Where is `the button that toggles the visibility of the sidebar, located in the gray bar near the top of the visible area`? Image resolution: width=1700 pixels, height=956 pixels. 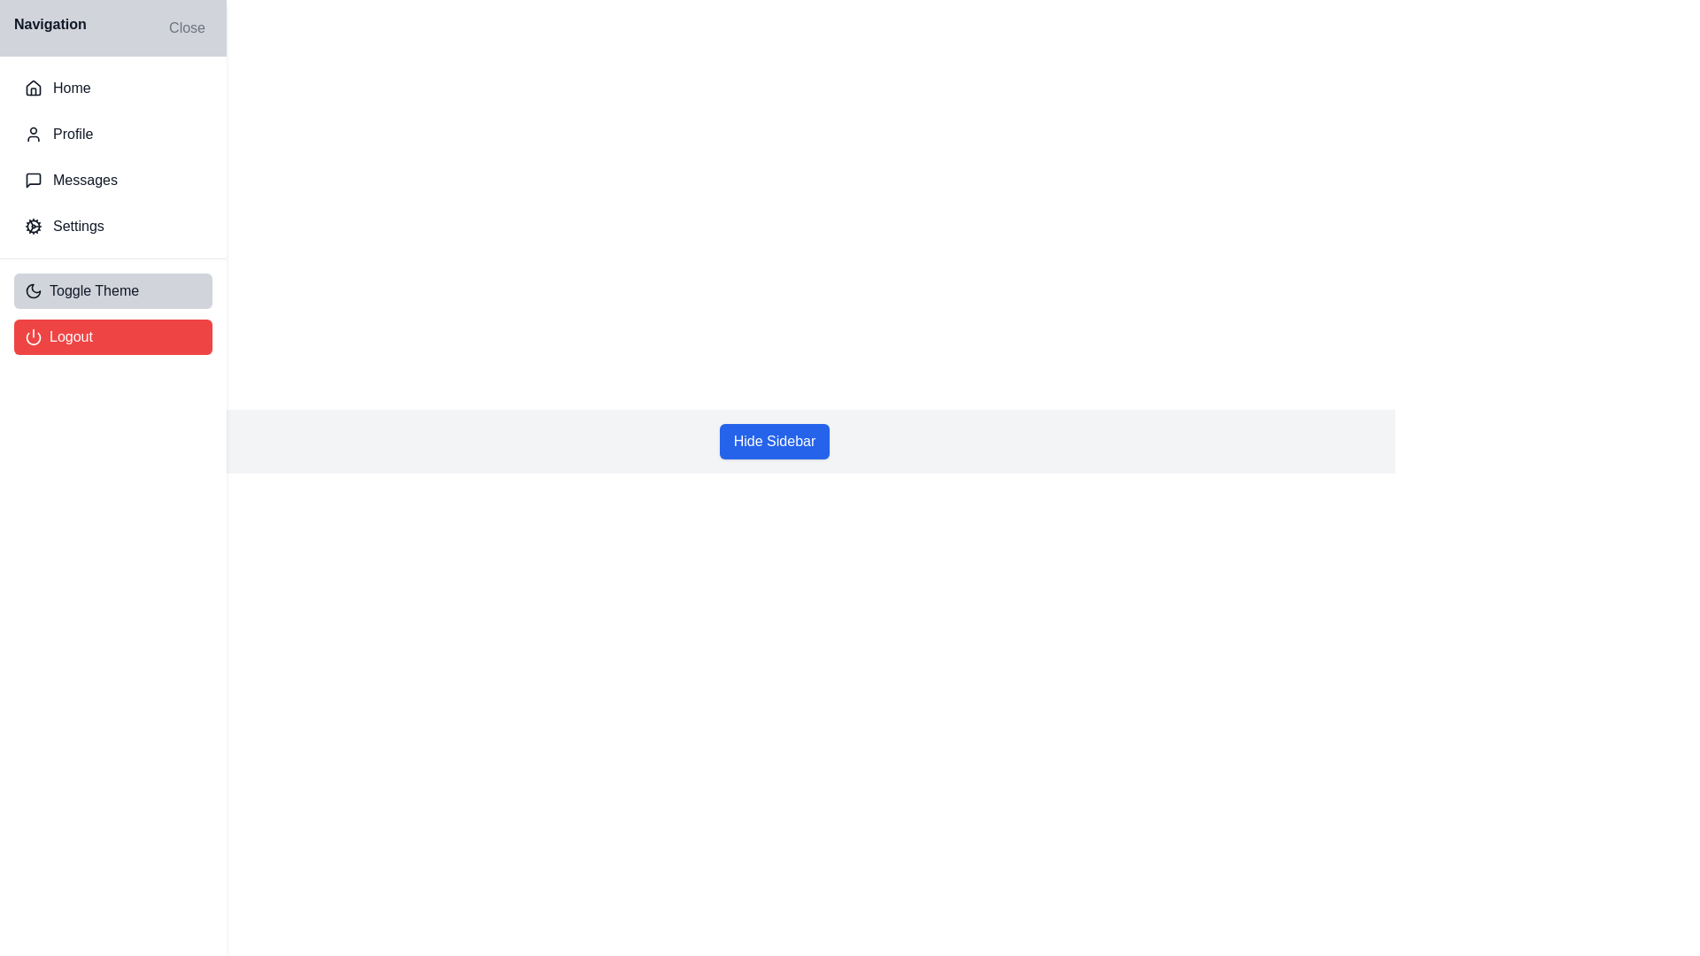 the button that toggles the visibility of the sidebar, located in the gray bar near the top of the visible area is located at coordinates (774, 440).